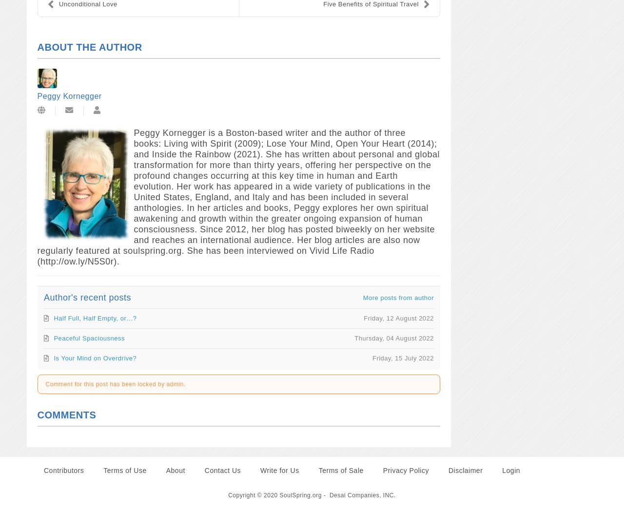  What do you see at coordinates (394, 338) in the screenshot?
I see `'Thursday, 04 August 2022'` at bounding box center [394, 338].